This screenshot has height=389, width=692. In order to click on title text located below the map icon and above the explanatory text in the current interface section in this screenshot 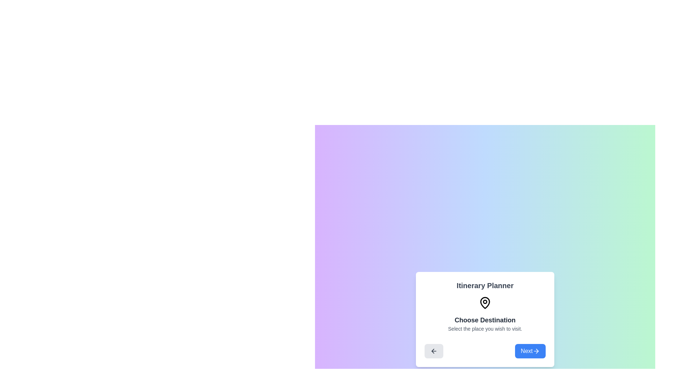, I will do `click(485, 319)`.